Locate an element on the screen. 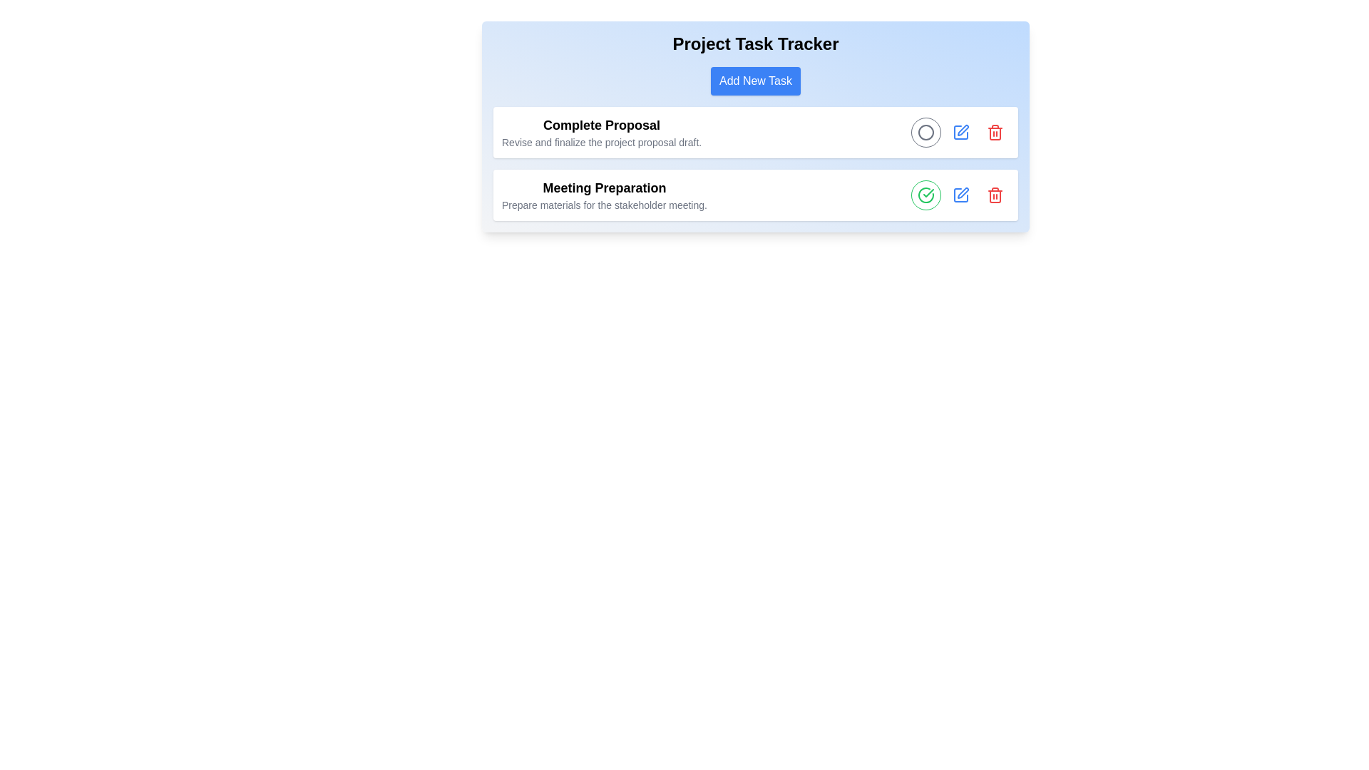 The image size is (1369, 770). edit button for the task 'Complete Proposal' is located at coordinates (961, 132).